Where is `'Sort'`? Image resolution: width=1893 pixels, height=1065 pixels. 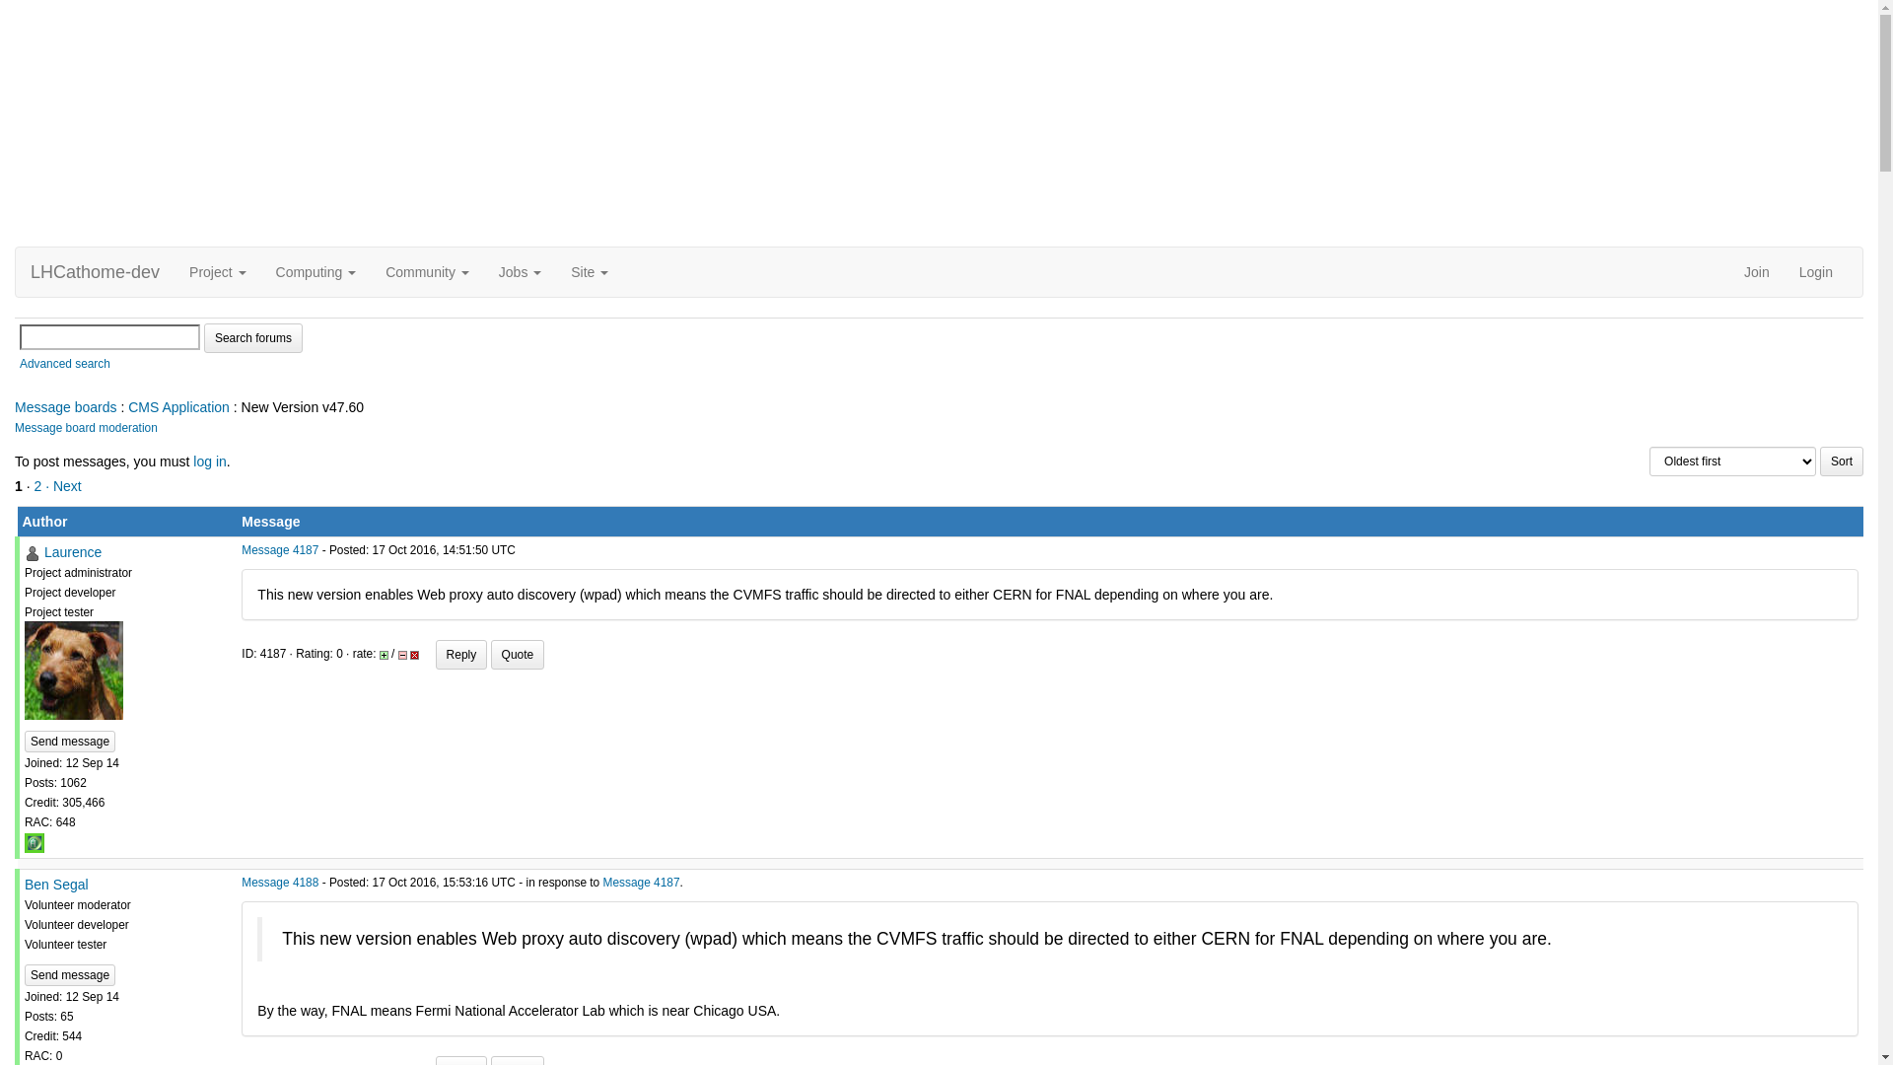 'Sort' is located at coordinates (1840, 461).